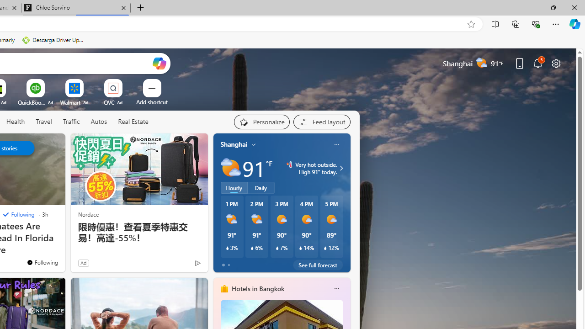 The width and height of the screenshot is (585, 329). What do you see at coordinates (537, 63) in the screenshot?
I see `'Notifications'` at bounding box center [537, 63].